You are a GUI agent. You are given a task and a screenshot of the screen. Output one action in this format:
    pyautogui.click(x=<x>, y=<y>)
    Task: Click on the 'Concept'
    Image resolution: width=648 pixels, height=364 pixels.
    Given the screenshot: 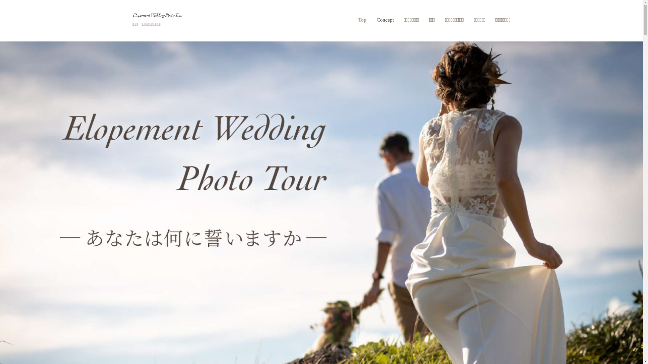 What is the action you would take?
    pyautogui.click(x=371, y=19)
    